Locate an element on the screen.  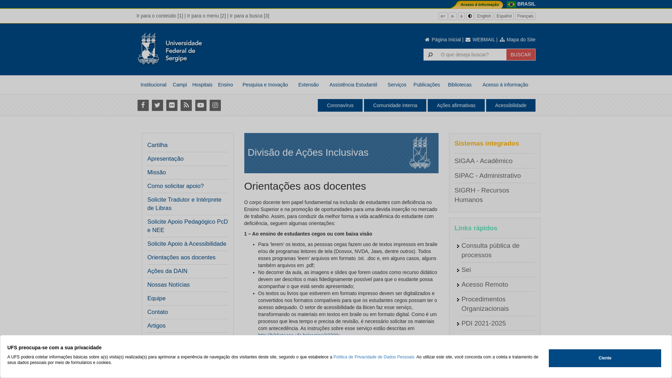
'Contato' is located at coordinates (157, 311).